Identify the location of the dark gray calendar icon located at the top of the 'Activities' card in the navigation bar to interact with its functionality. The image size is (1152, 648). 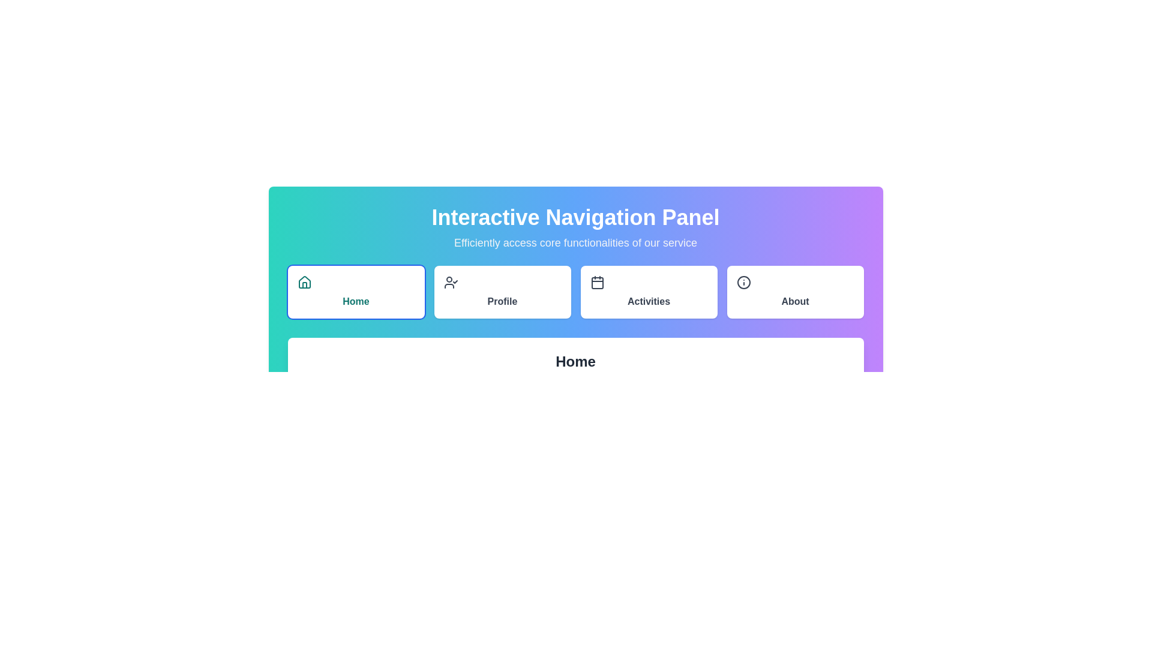
(597, 282).